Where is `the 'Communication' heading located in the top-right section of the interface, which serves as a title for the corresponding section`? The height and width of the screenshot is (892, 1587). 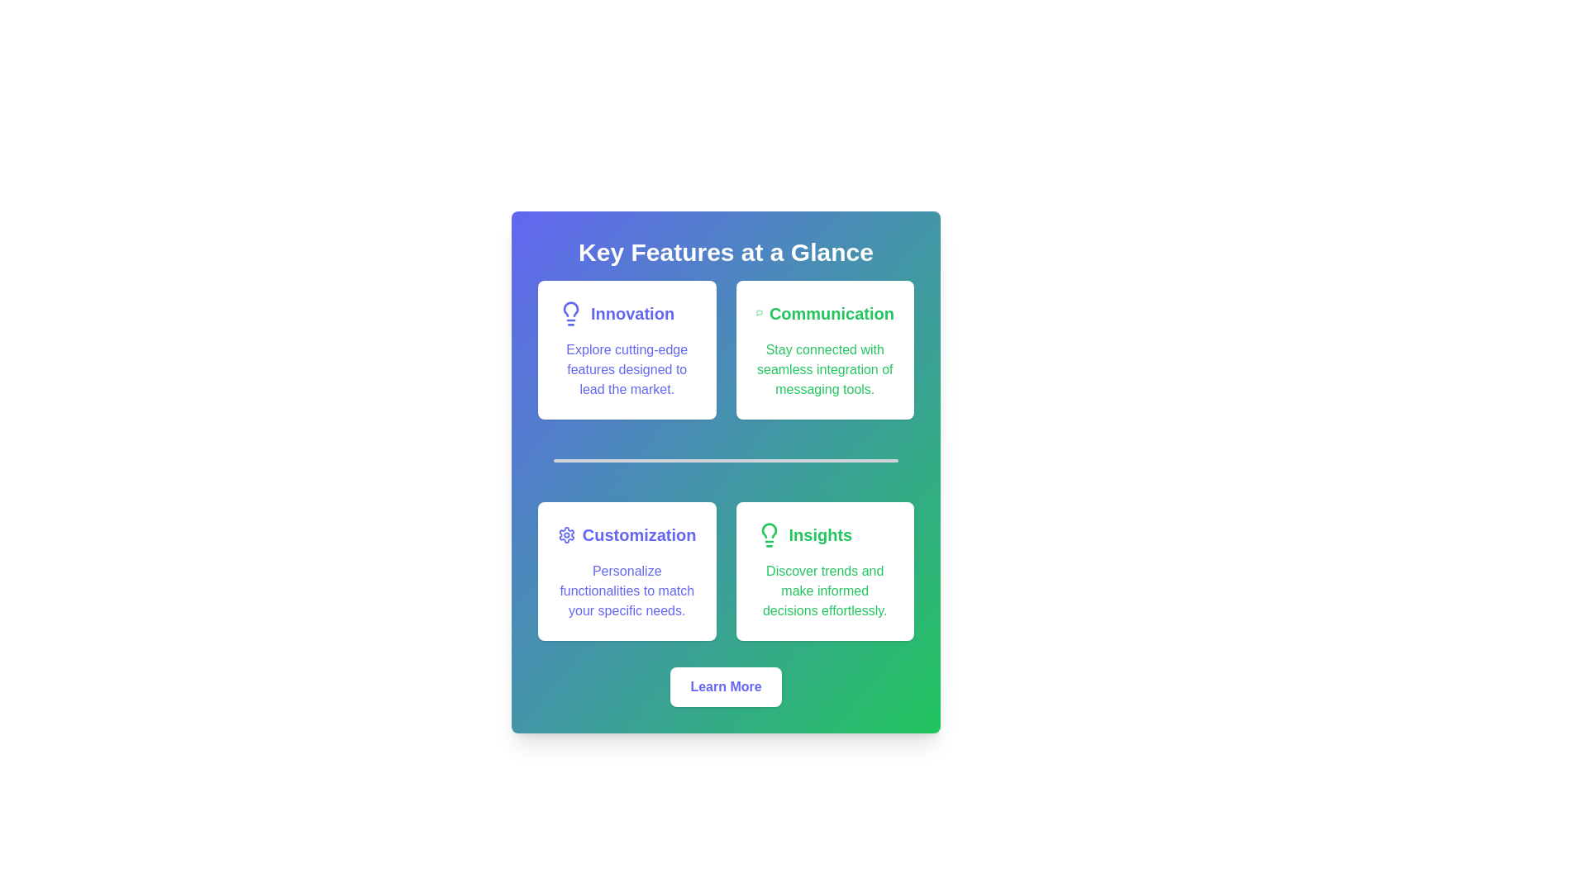
the 'Communication' heading located in the top-right section of the interface, which serves as a title for the corresponding section is located at coordinates (832, 314).